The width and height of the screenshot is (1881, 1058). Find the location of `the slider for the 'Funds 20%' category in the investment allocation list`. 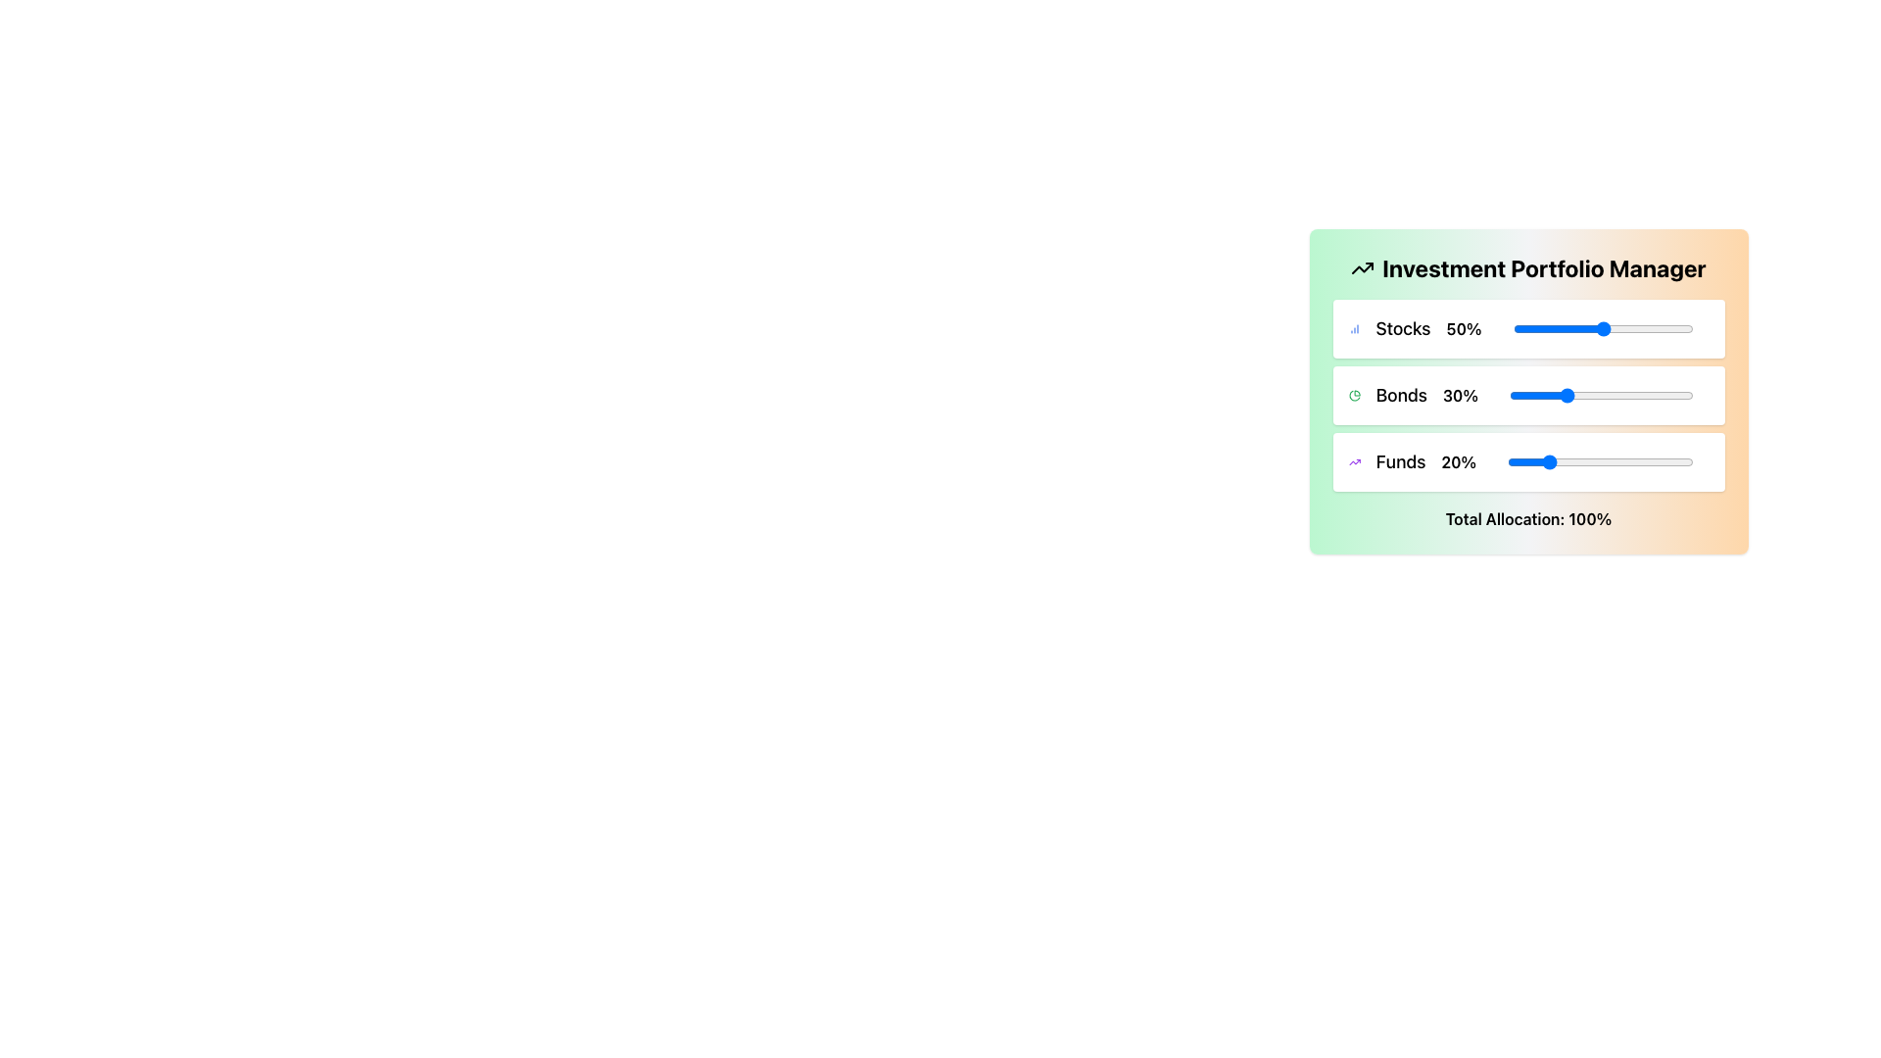

the slider for the 'Funds 20%' category in the investment allocation list is located at coordinates (1527, 461).